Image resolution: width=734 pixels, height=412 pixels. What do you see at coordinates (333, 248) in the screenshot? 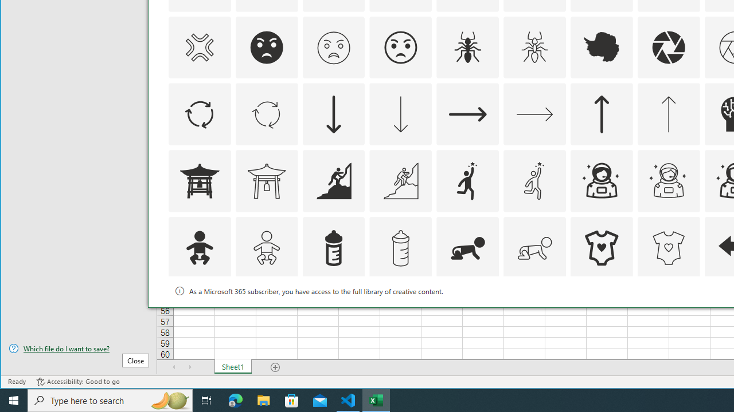
I see `'AutomationID: Icons_BabyBottle'` at bounding box center [333, 248].